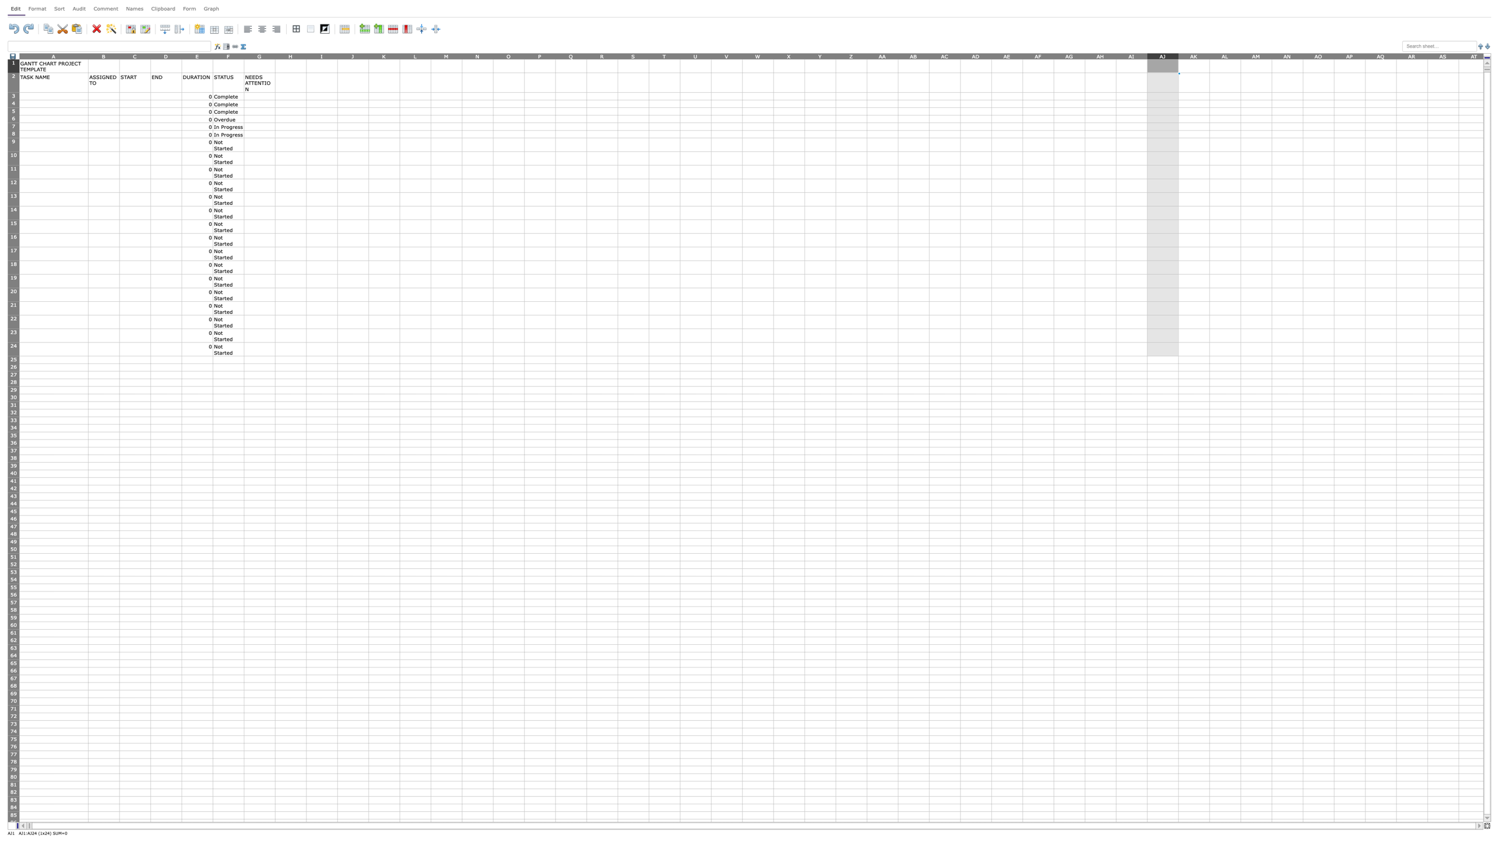  I want to click on the right edge of column AK to resize, so click(1209, 55).